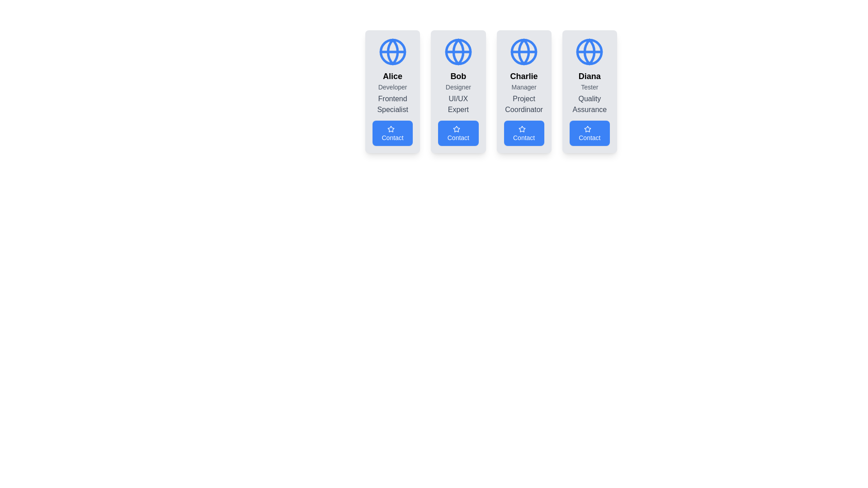 The height and width of the screenshot is (488, 868). Describe the element at coordinates (458, 92) in the screenshot. I see `the Profile Card featuring a circular icon with 'Bob' in bold, 'Designer', and 'UI/UX Expert' text, and a blue 'Contact' button, which is the second card in a row of four` at that location.